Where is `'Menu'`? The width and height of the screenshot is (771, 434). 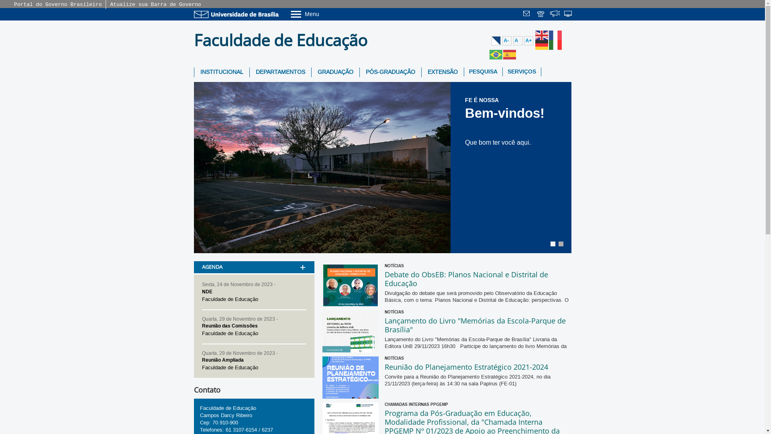 'Menu' is located at coordinates (289, 14).